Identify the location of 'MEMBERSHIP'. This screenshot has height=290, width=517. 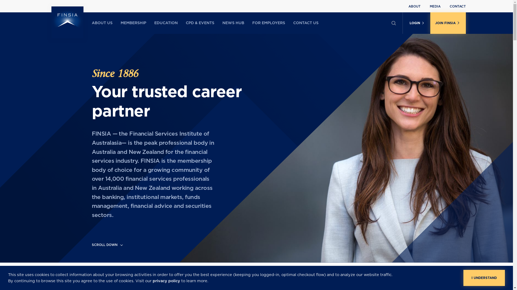
(133, 23).